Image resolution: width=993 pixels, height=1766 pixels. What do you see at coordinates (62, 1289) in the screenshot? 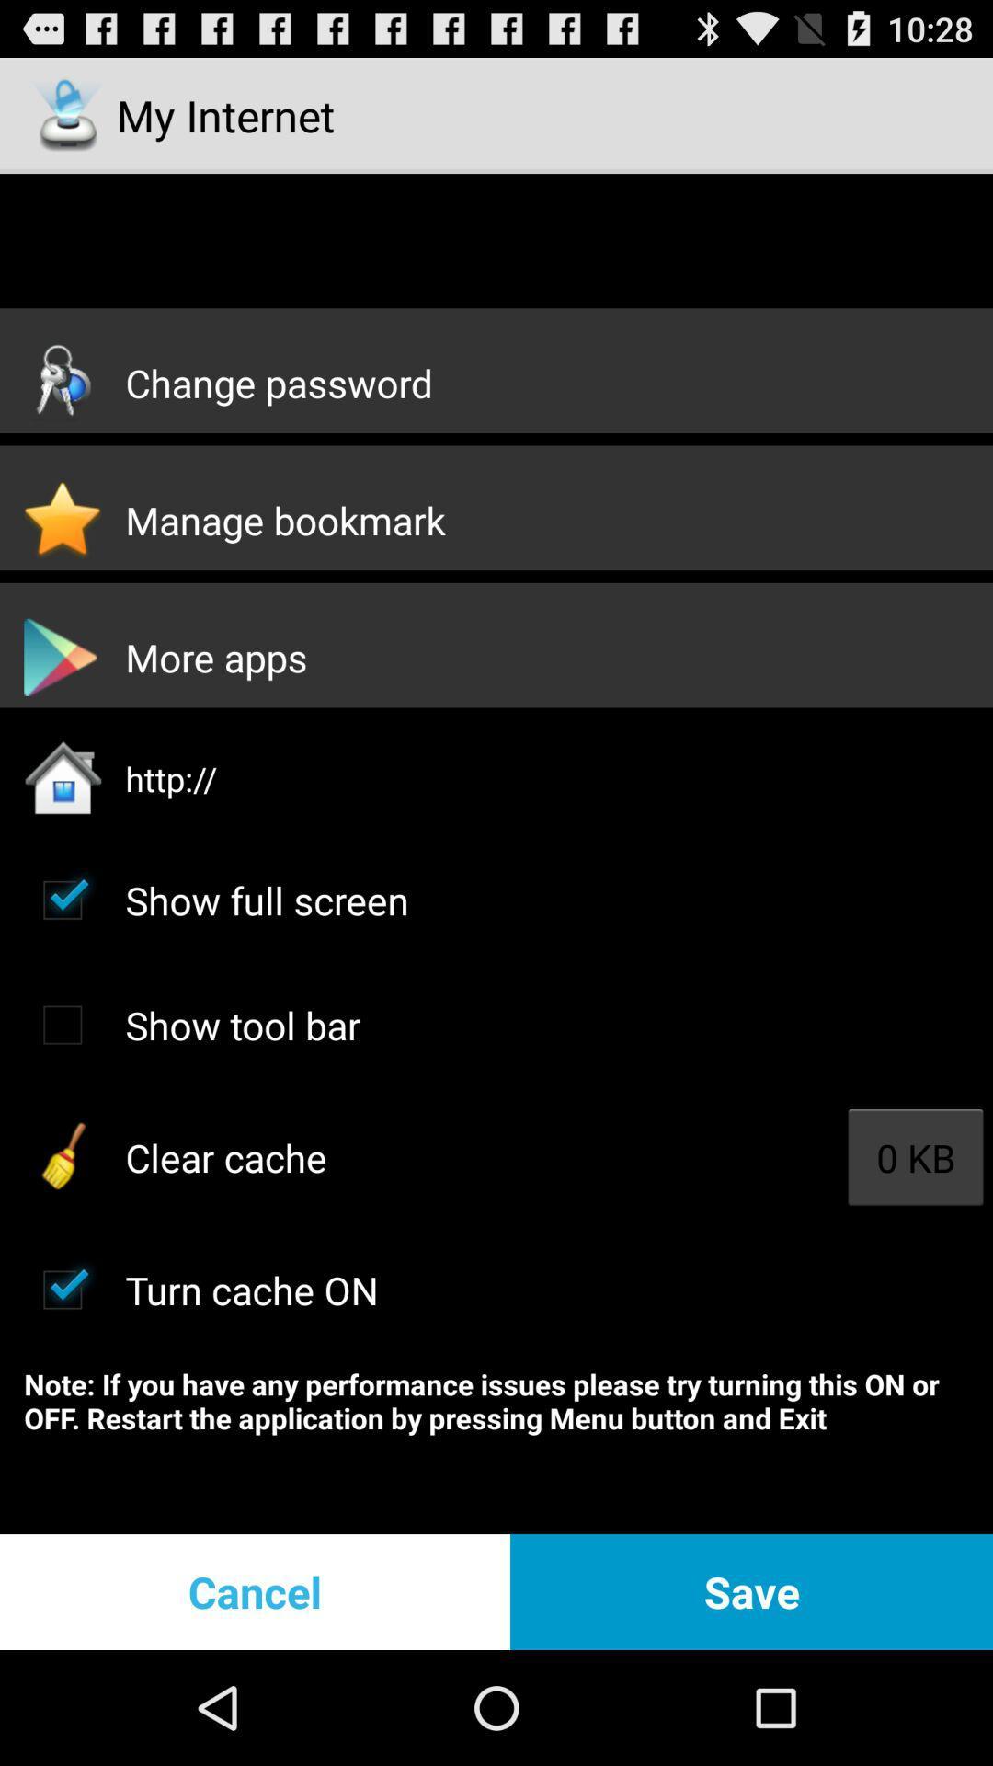
I see `the box` at bounding box center [62, 1289].